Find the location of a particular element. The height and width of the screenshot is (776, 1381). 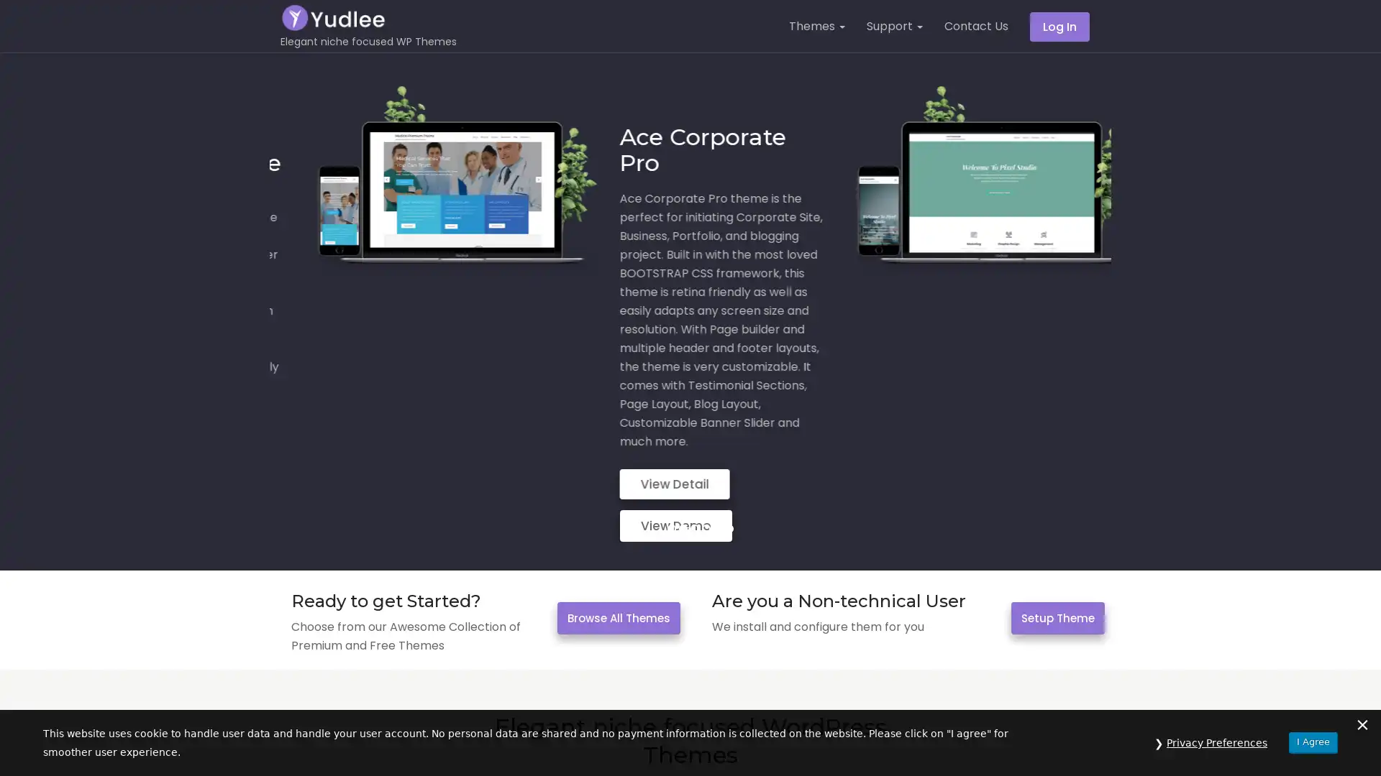

4 is located at coordinates (705, 428).